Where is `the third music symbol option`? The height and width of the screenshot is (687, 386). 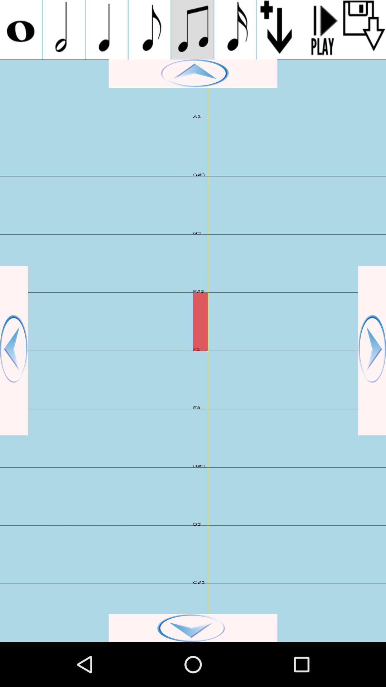 the third music symbol option is located at coordinates (107, 29).